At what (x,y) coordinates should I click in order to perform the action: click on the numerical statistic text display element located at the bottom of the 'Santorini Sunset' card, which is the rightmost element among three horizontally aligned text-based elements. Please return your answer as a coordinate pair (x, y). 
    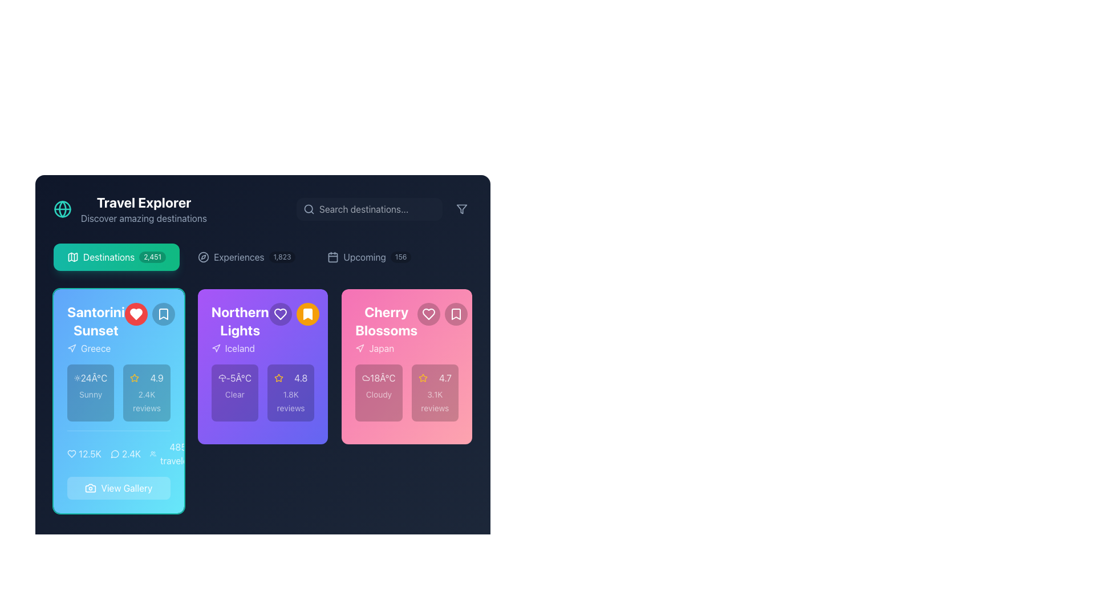
    Looking at the image, I should click on (173, 453).